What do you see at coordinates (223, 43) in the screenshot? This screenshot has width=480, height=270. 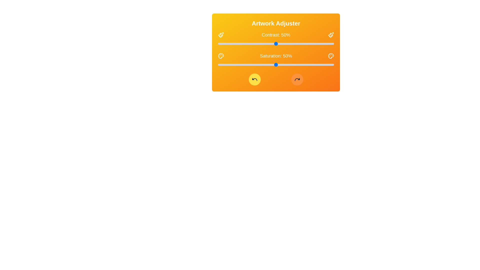 I see `the contrast slider to 5%` at bounding box center [223, 43].